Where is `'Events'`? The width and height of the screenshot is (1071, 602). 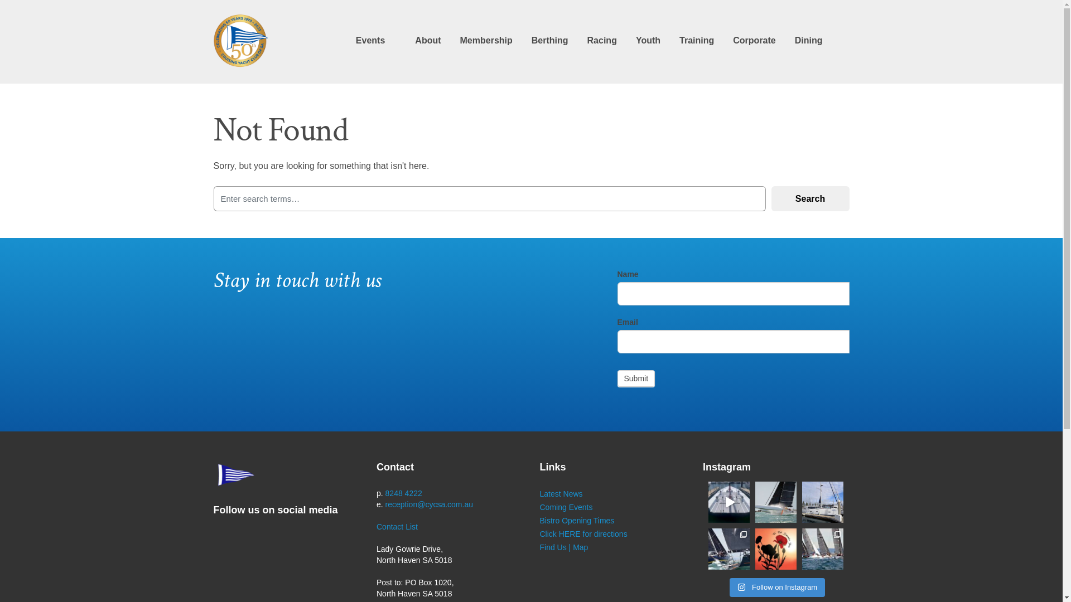
'Events' is located at coordinates (370, 40).